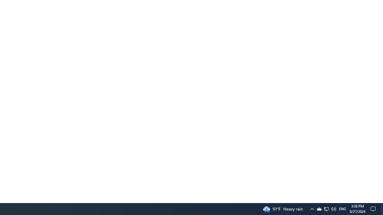  What do you see at coordinates (333, 208) in the screenshot?
I see `'User Promoted Notification Area'` at bounding box center [333, 208].